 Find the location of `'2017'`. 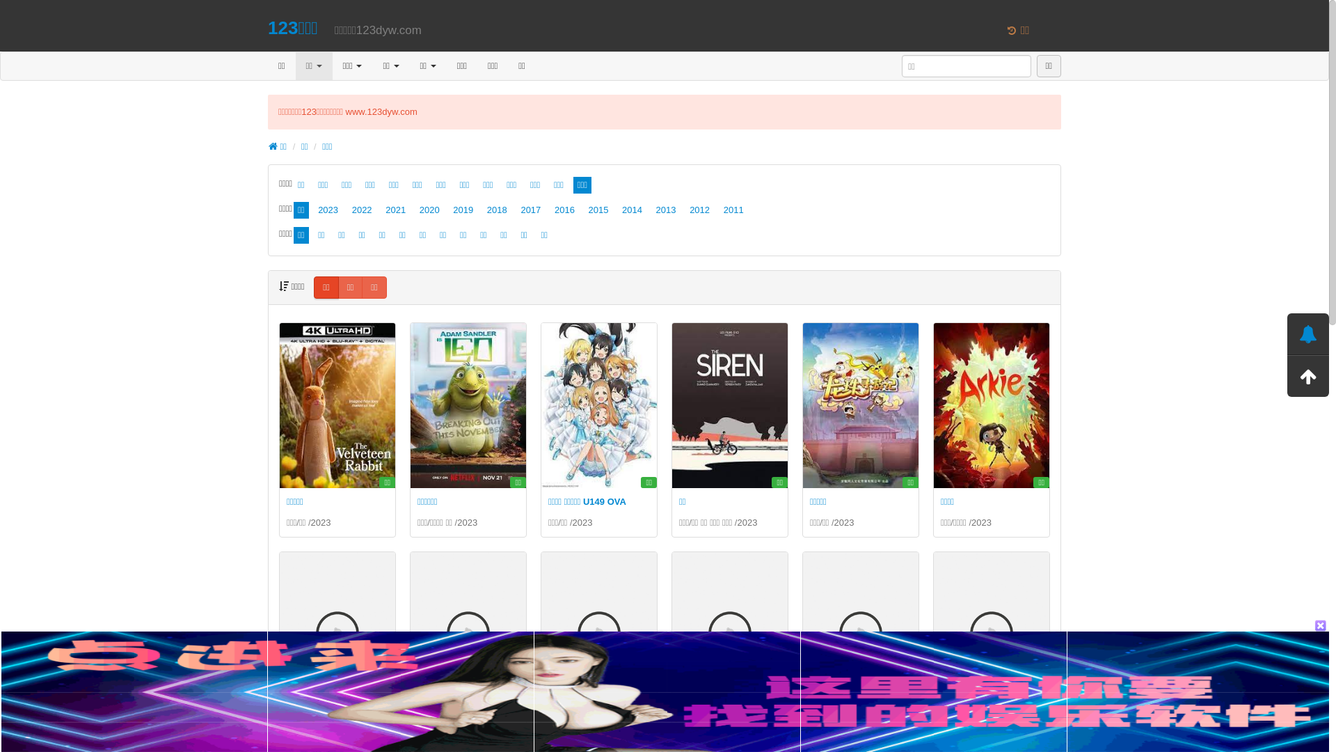

'2017' is located at coordinates (530, 210).